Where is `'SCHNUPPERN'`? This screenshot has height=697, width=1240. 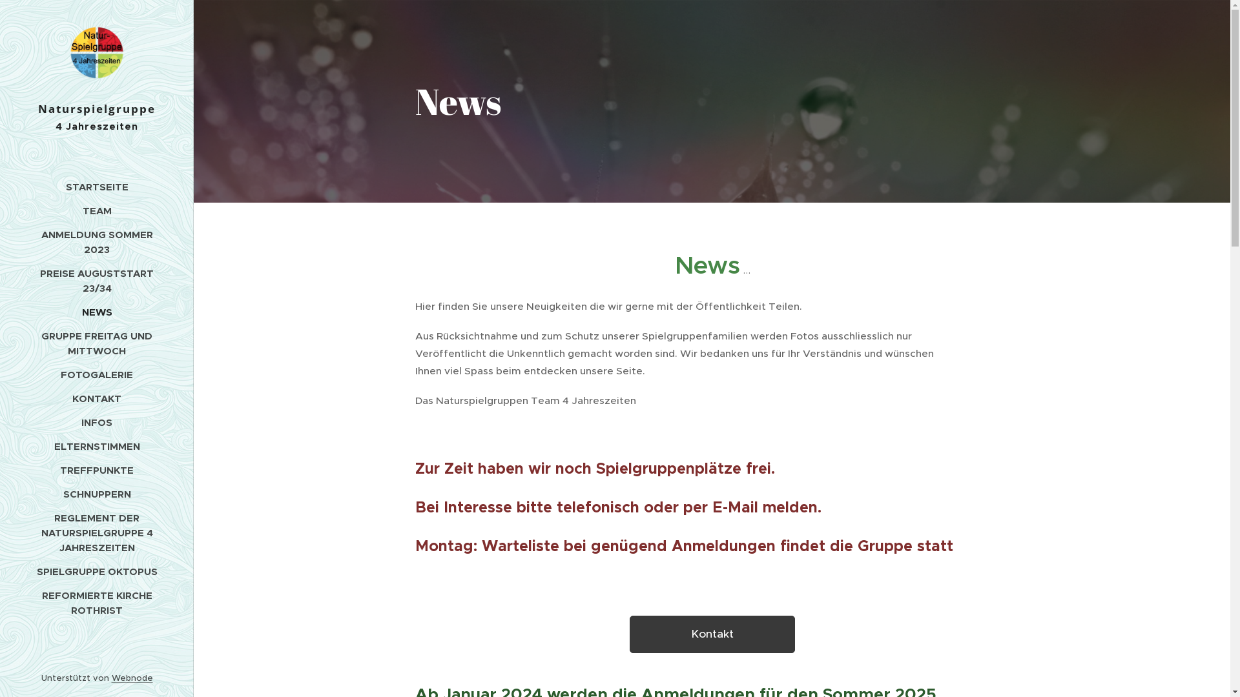 'SCHNUPPERN' is located at coordinates (96, 494).